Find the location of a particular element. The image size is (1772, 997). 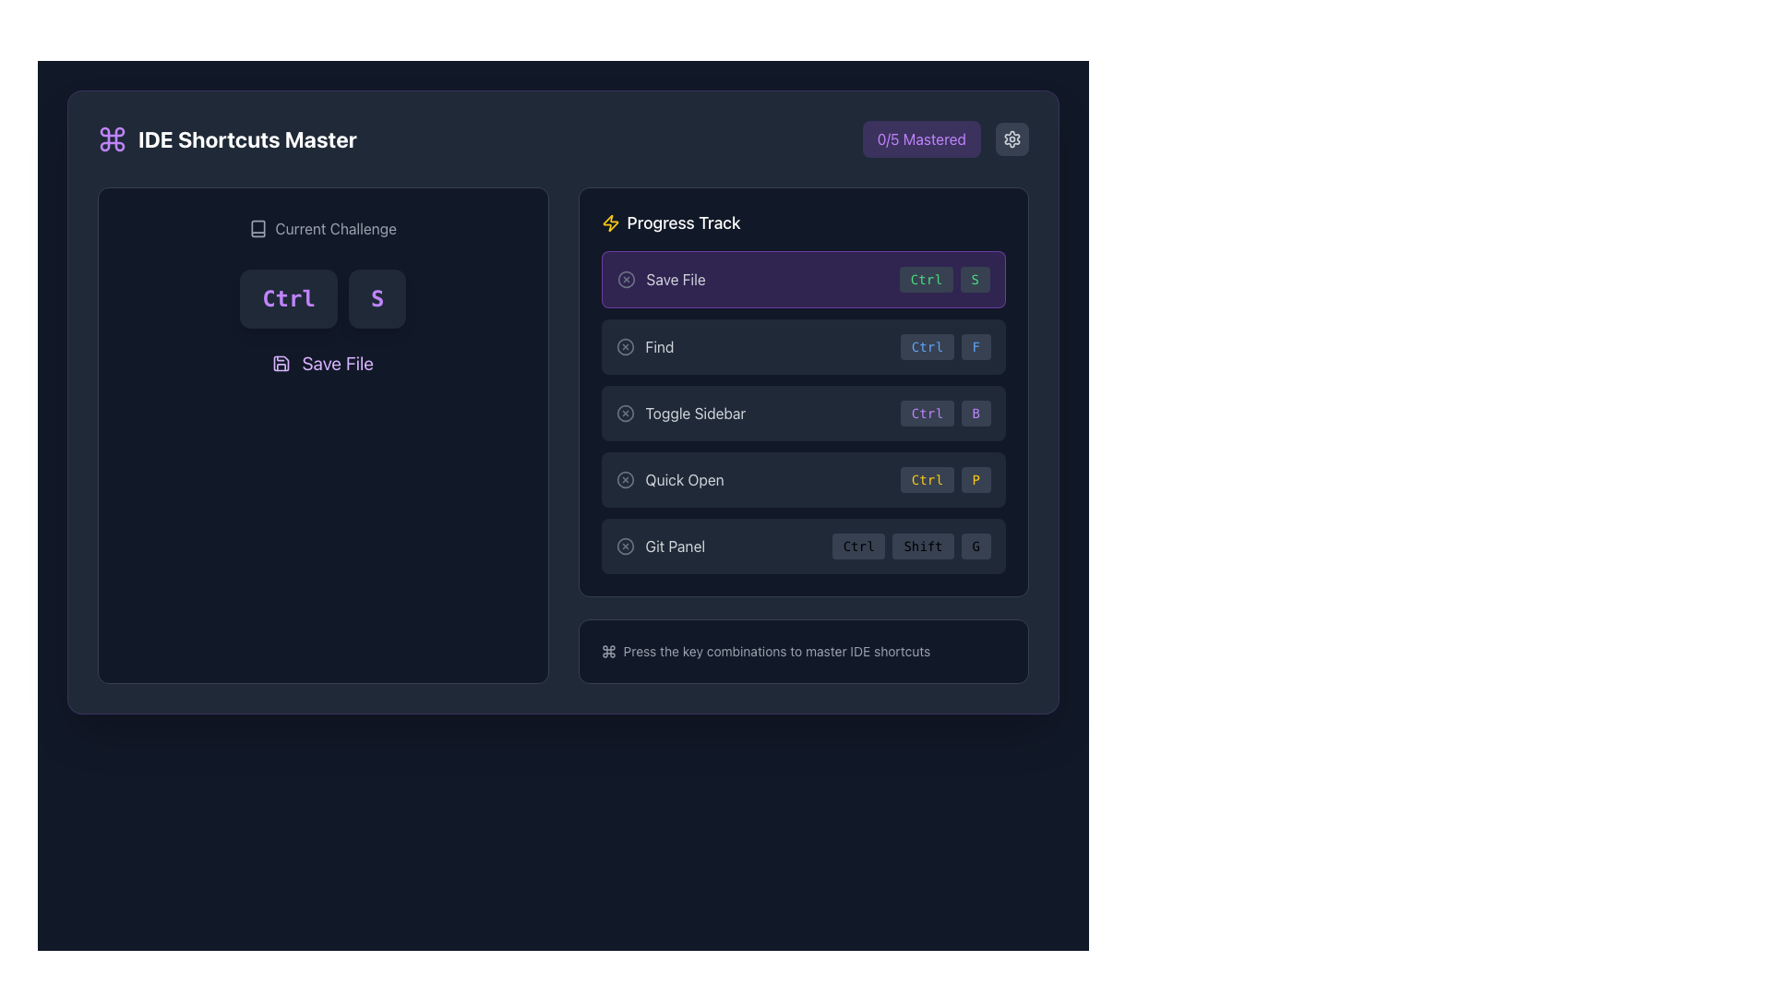

the 'Git Panel' text label located in the 'Progress Track' section, positioned adjacent to a gray circular icon with a cross mark is located at coordinates (674, 545).